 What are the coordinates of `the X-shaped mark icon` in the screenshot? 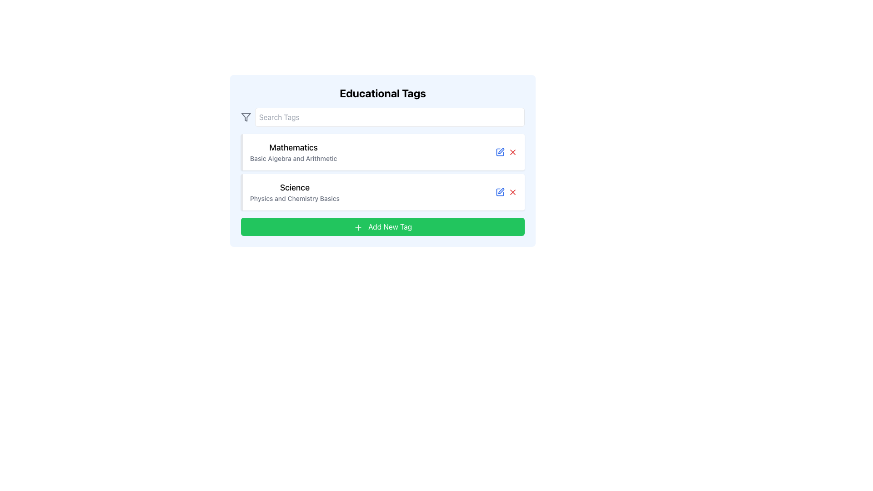 It's located at (513, 192).